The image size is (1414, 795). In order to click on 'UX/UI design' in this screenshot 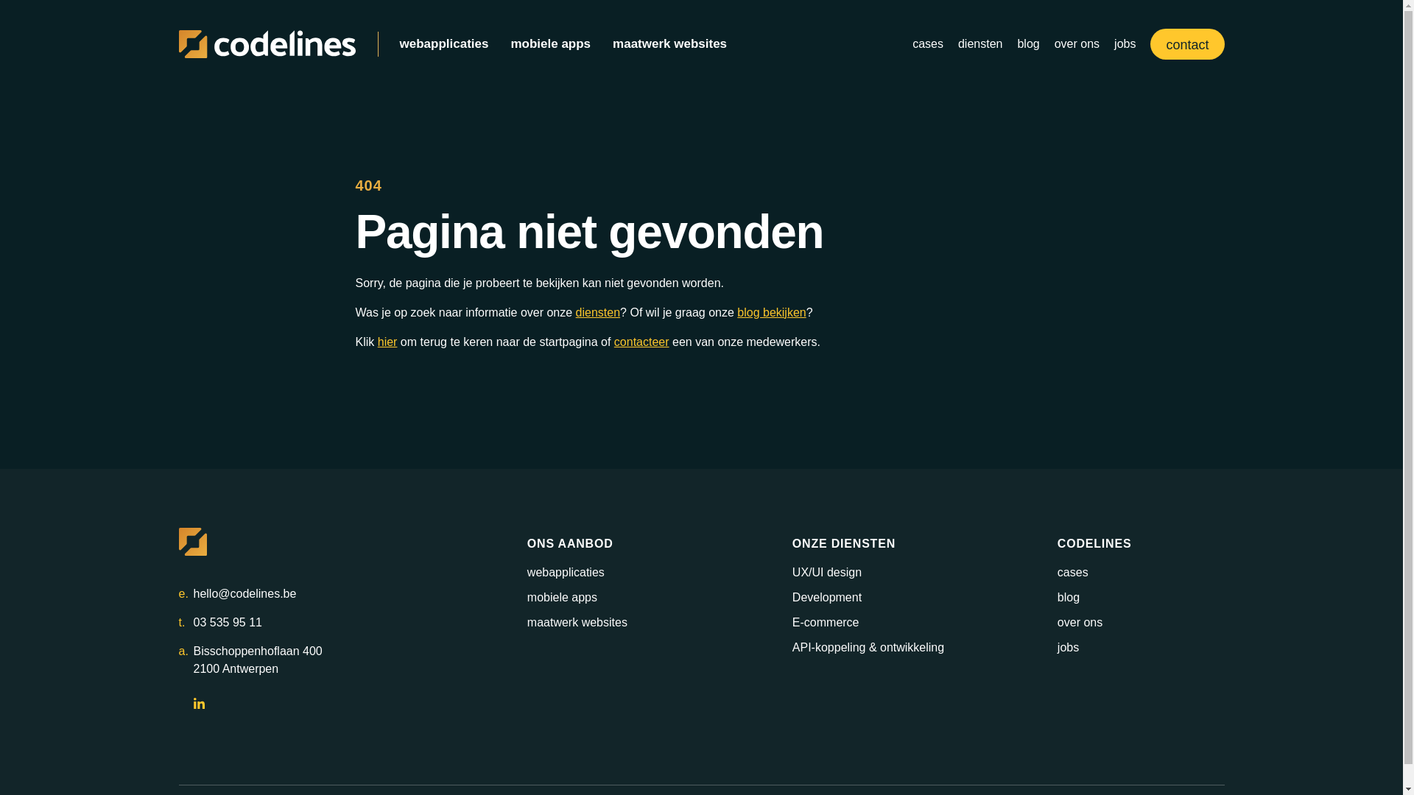, I will do `click(827, 571)`.